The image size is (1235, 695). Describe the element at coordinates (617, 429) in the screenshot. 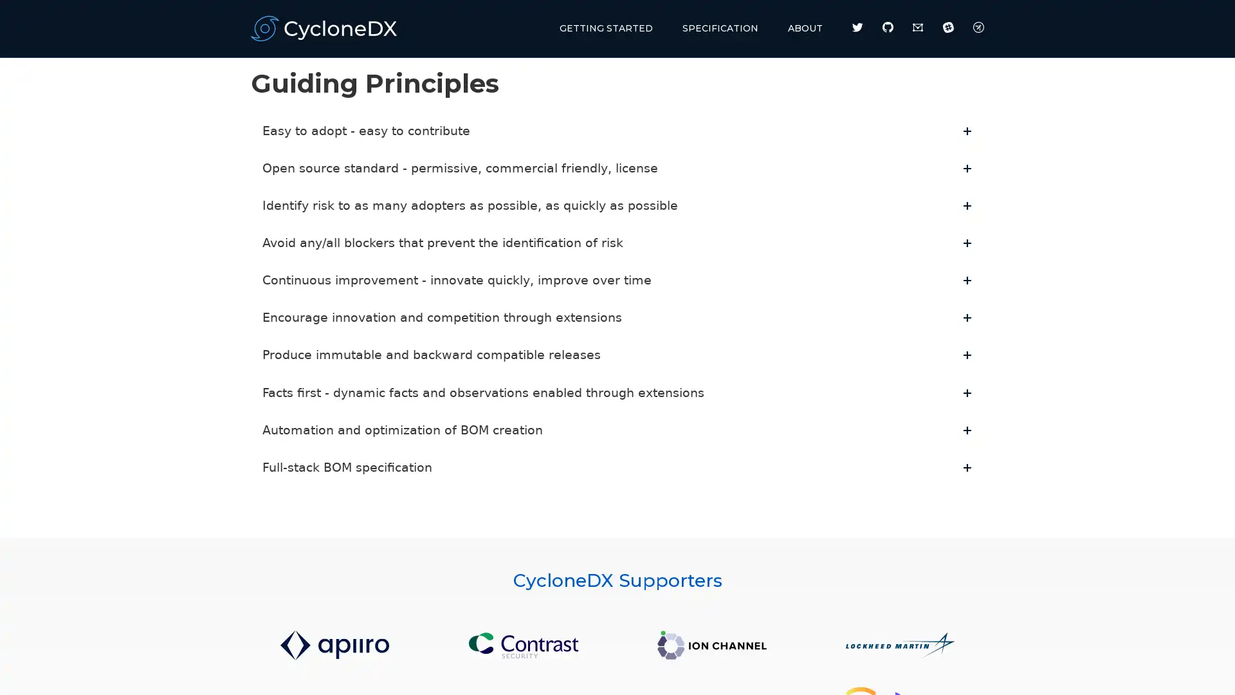

I see `Automation and optimization of BOM creation +` at that location.